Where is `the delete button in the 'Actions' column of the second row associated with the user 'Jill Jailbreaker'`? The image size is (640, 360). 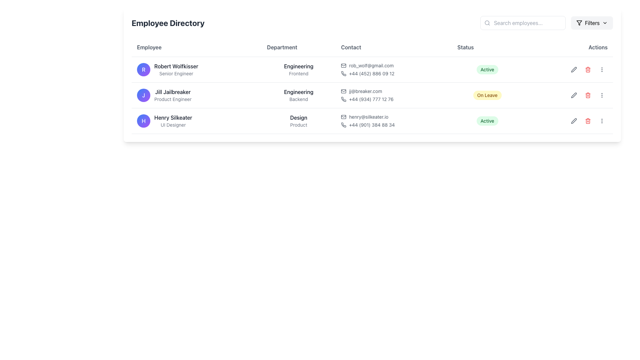 the delete button in the 'Actions' column of the second row associated with the user 'Jill Jailbreaker' is located at coordinates (588, 95).